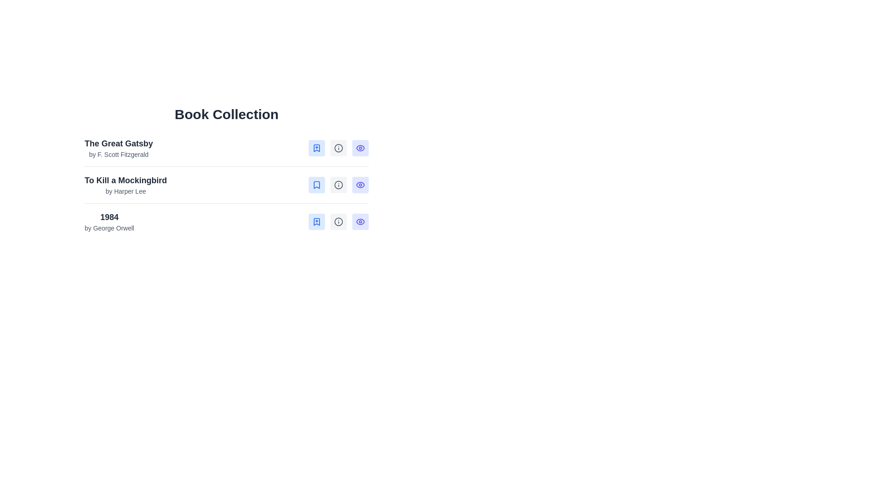  What do you see at coordinates (317, 148) in the screenshot?
I see `the bookmark-shaped icon with a blue outline located in the first row of the 'Book Collection' list next to 'The Great Gatsby by F. Scott Fitzgerald'` at bounding box center [317, 148].